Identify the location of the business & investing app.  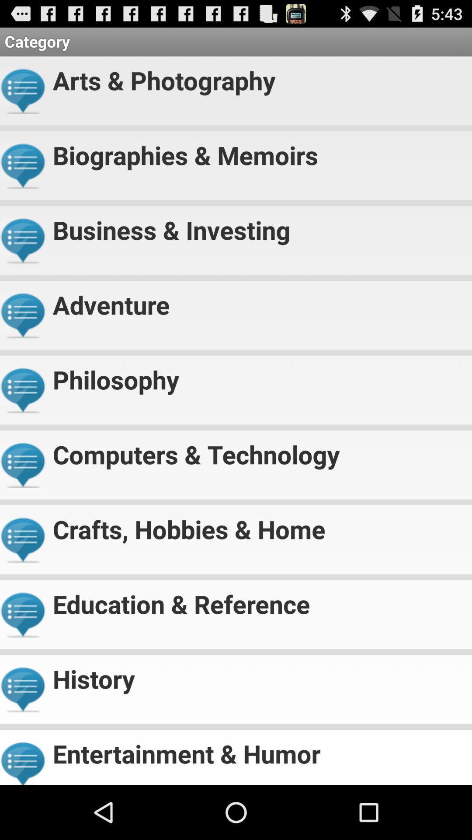
(258, 226).